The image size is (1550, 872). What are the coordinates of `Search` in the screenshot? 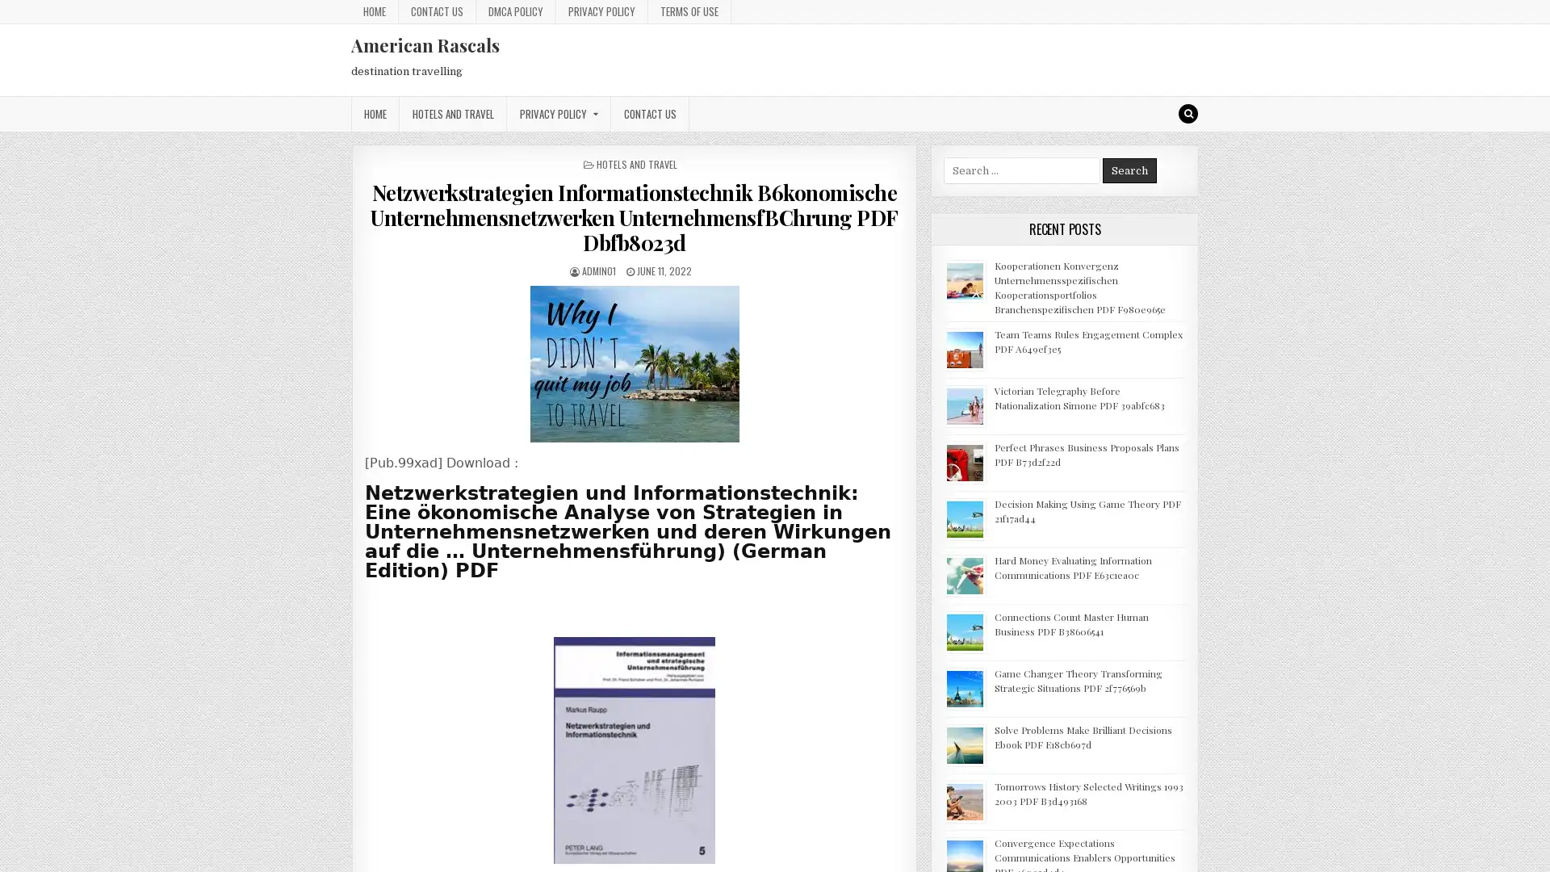 It's located at (1129, 170).